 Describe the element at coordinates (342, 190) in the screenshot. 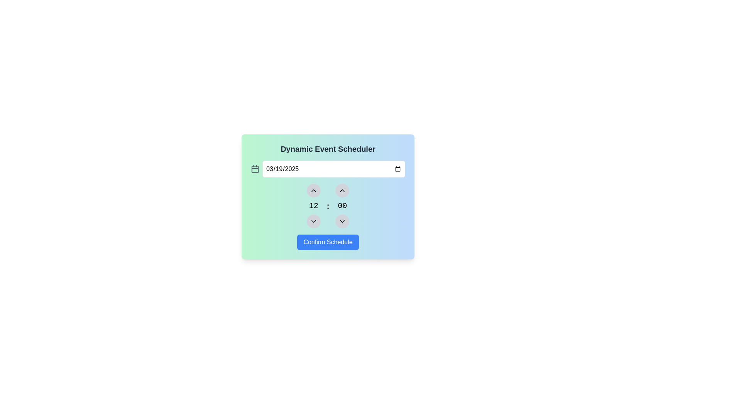

I see `the increment minute button located in the second column, above the decrement minute button, to trigger visual effects` at that location.